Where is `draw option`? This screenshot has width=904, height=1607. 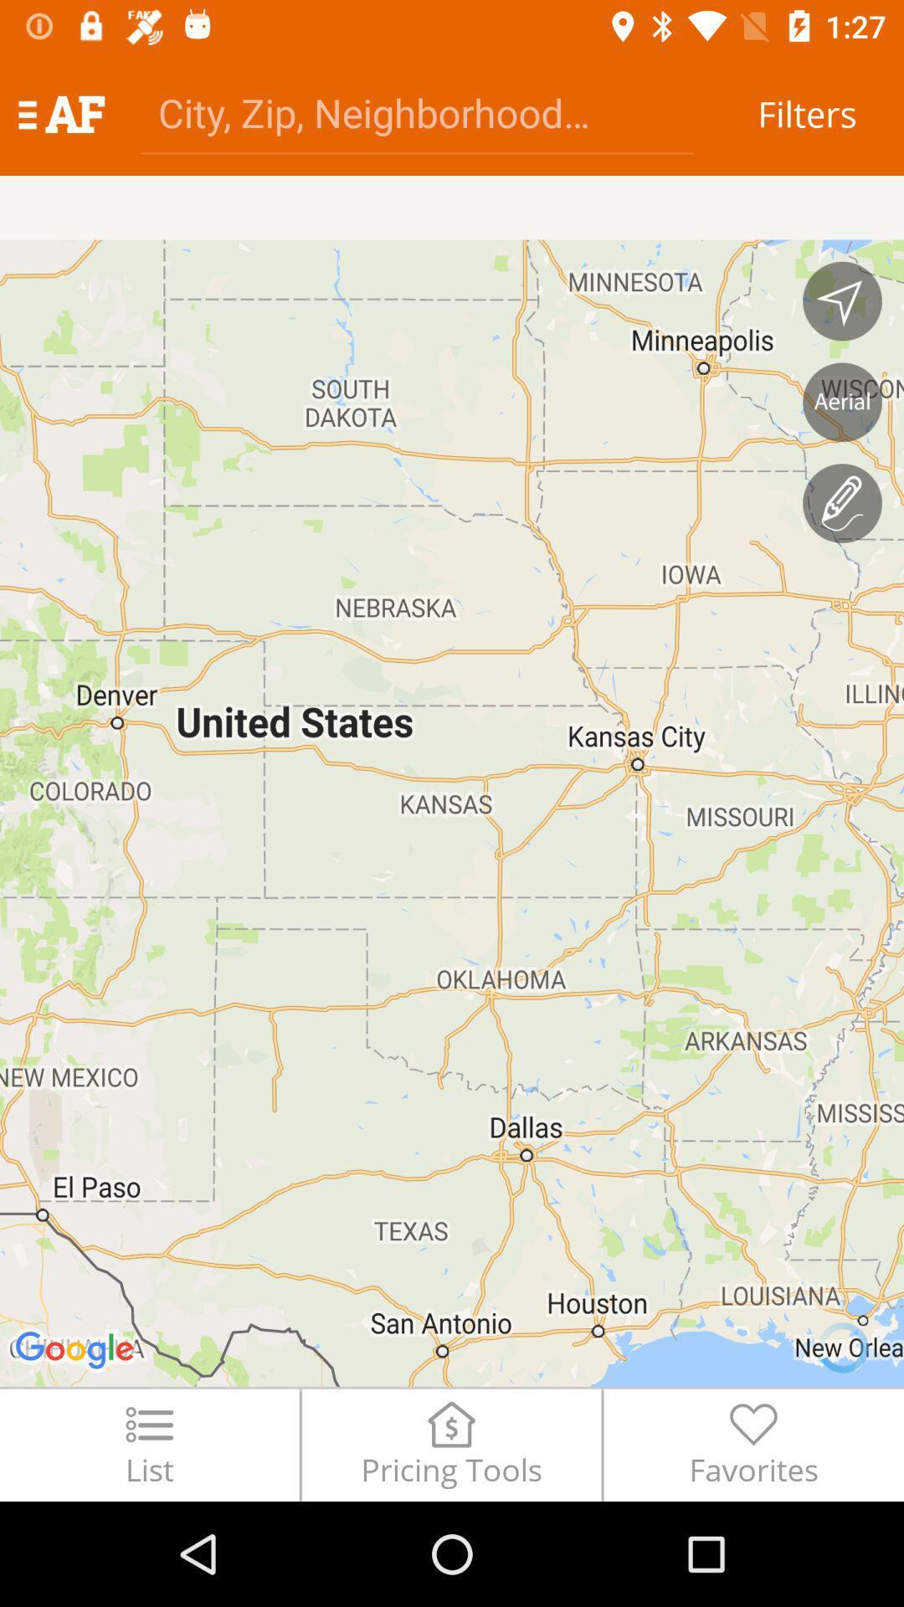
draw option is located at coordinates (842, 502).